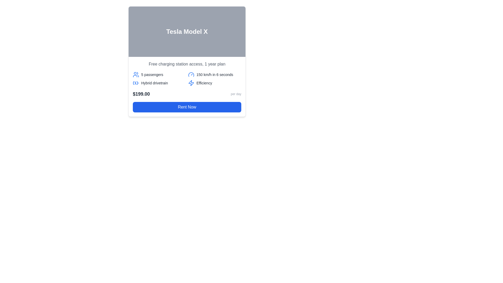 The height and width of the screenshot is (283, 503). What do you see at coordinates (236, 94) in the screenshot?
I see `the Text Label that provides additional context for the pricing displayed ('$199.00'), indicating it refers to a daily rate` at bounding box center [236, 94].